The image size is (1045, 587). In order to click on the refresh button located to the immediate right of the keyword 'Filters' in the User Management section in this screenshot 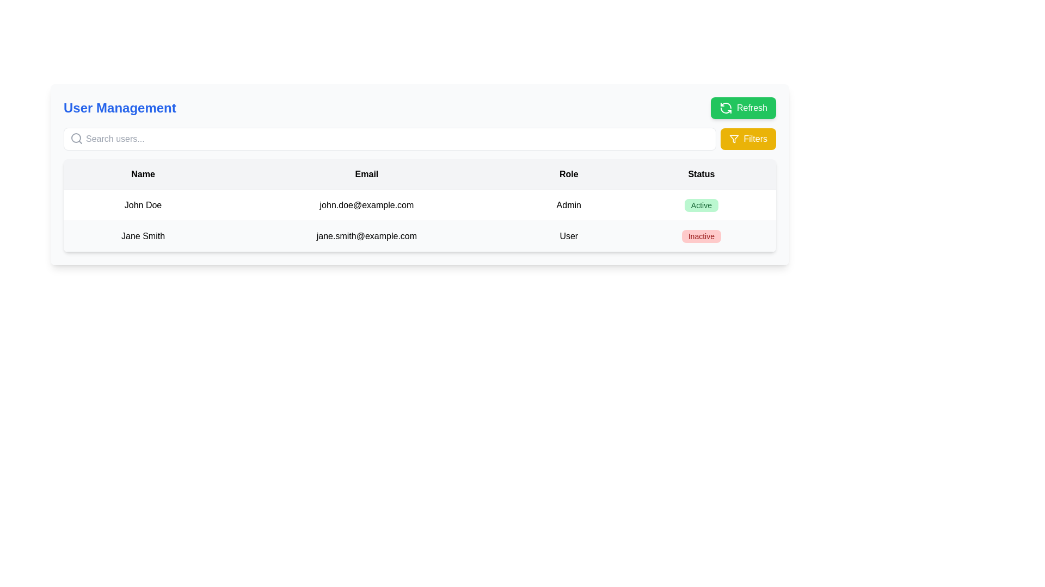, I will do `click(742, 108)`.